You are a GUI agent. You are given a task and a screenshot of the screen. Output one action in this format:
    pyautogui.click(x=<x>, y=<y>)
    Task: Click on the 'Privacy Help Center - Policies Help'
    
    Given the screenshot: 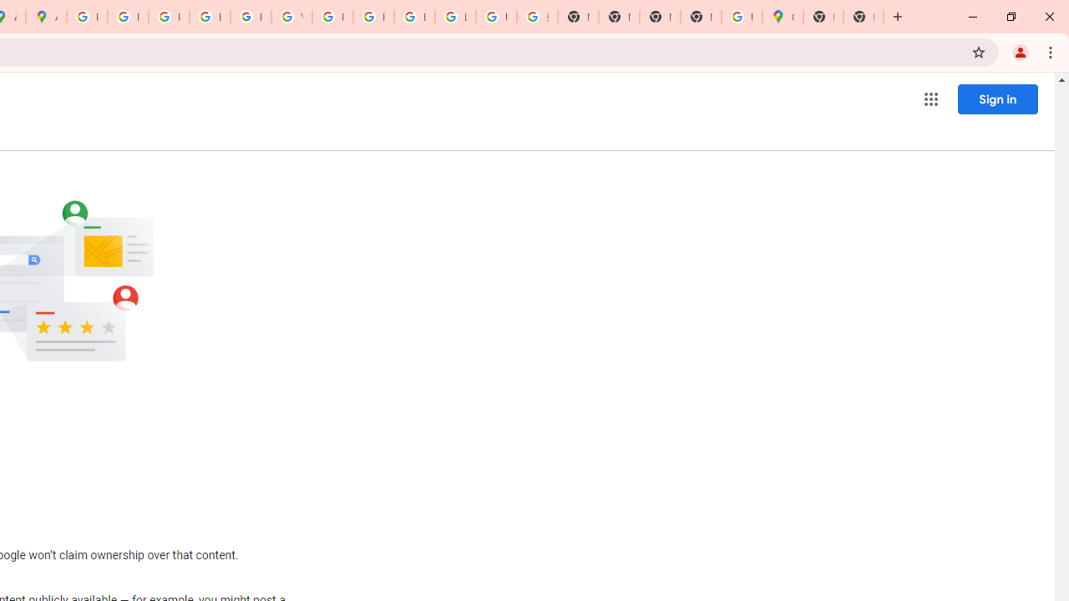 What is the action you would take?
    pyautogui.click(x=169, y=17)
    